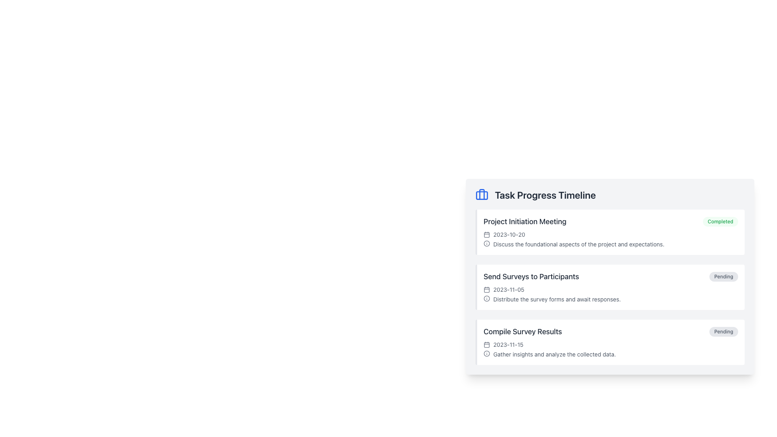 This screenshot has height=437, width=777. I want to click on the text label titled 'Project Initiation Meeting' to change its color, so click(525, 221).